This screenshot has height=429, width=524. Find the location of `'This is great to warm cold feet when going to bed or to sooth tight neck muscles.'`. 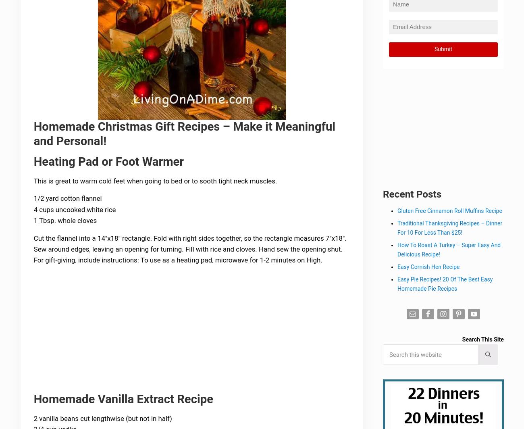

'This is great to warm cold feet when going to bed or to sooth tight neck muscles.' is located at coordinates (34, 181).